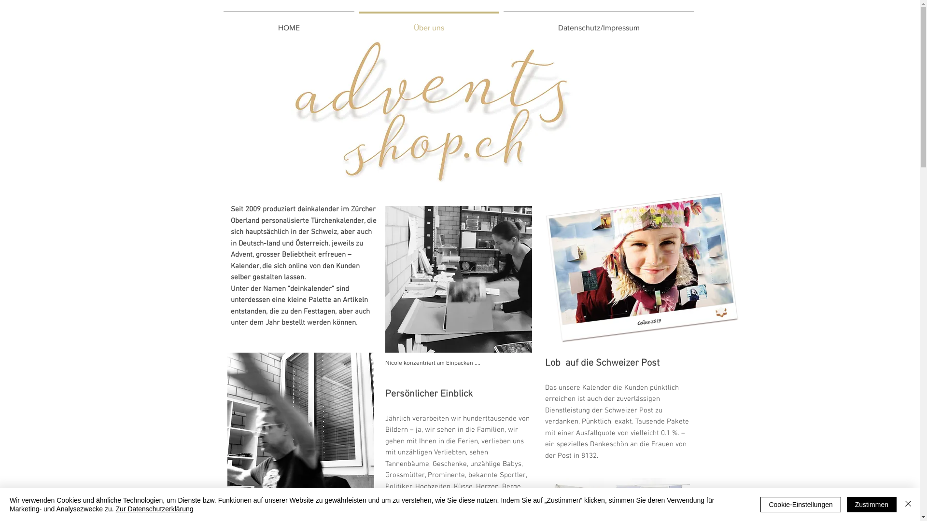  What do you see at coordinates (871, 504) in the screenshot?
I see `'Zustimmen'` at bounding box center [871, 504].